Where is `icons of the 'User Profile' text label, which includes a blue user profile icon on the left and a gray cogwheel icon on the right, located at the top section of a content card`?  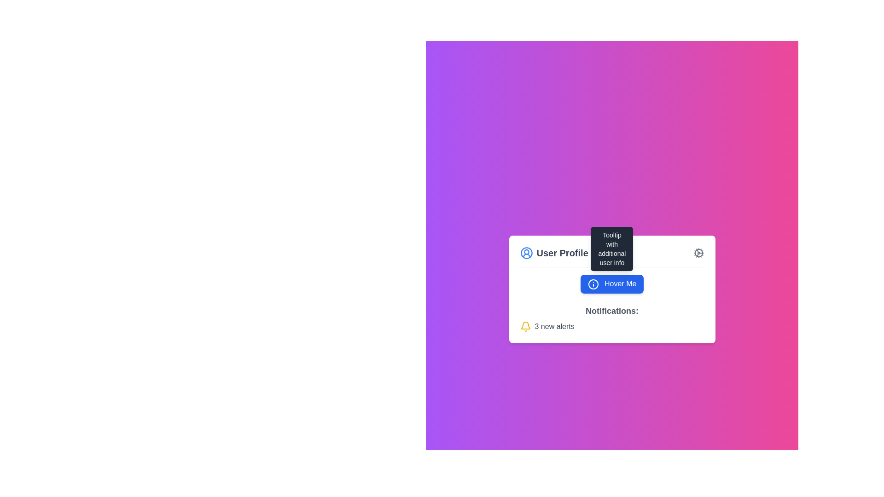
icons of the 'User Profile' text label, which includes a blue user profile icon on the left and a gray cogwheel icon on the right, located at the top section of a content card is located at coordinates (612, 257).